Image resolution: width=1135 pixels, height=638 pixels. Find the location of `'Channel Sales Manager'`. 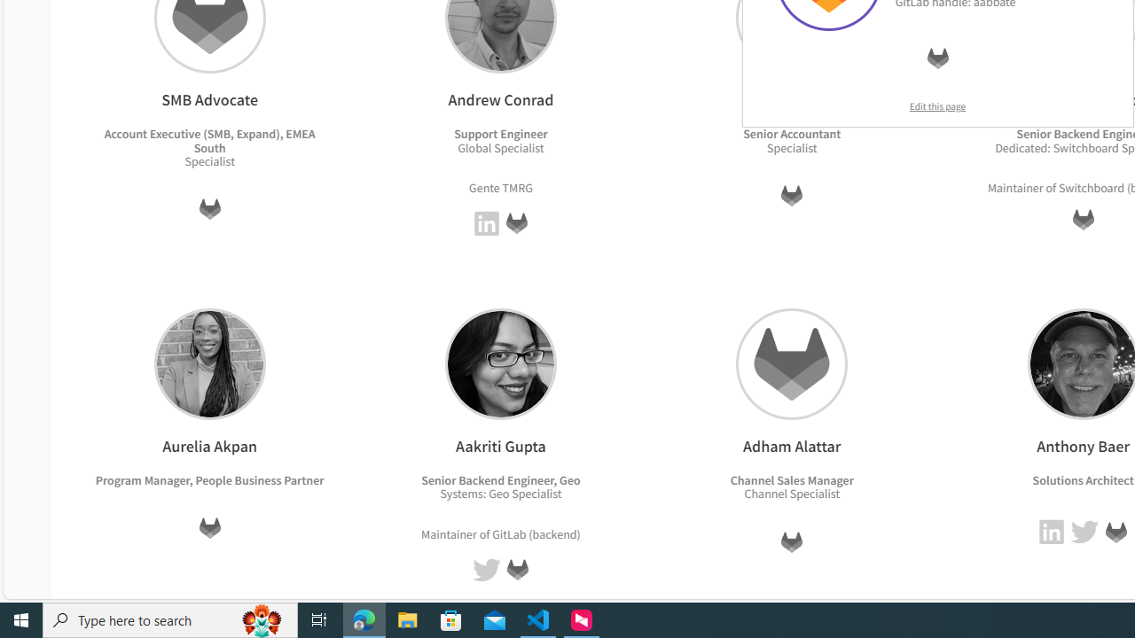

'Channel Sales Manager' is located at coordinates (790, 479).